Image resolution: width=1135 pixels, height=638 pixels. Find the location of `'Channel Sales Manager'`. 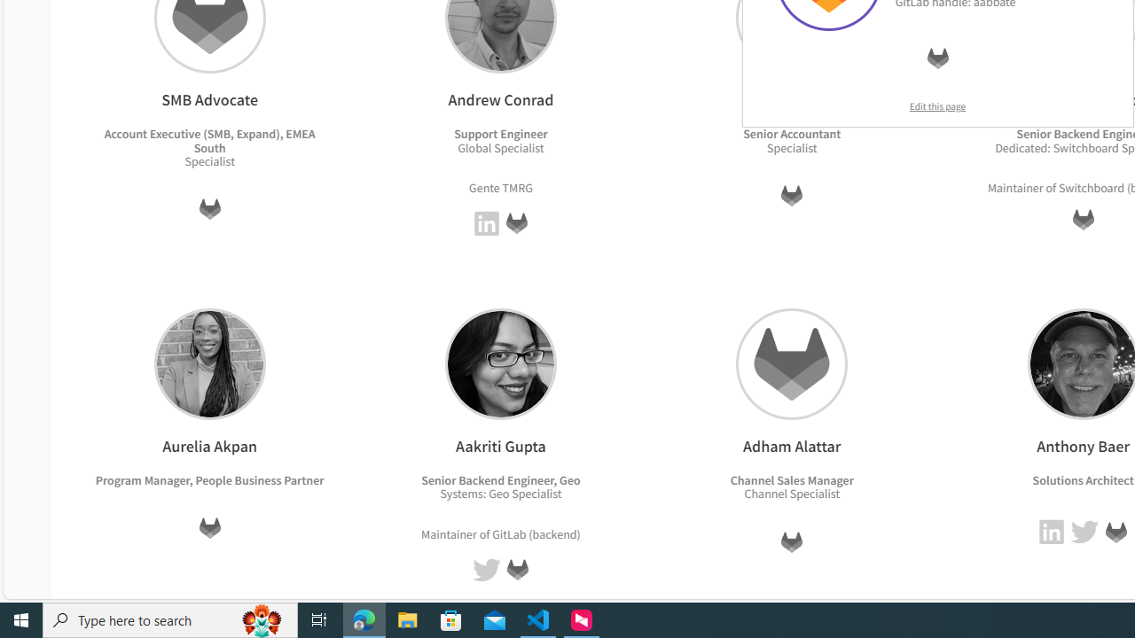

'Channel Sales Manager' is located at coordinates (790, 479).